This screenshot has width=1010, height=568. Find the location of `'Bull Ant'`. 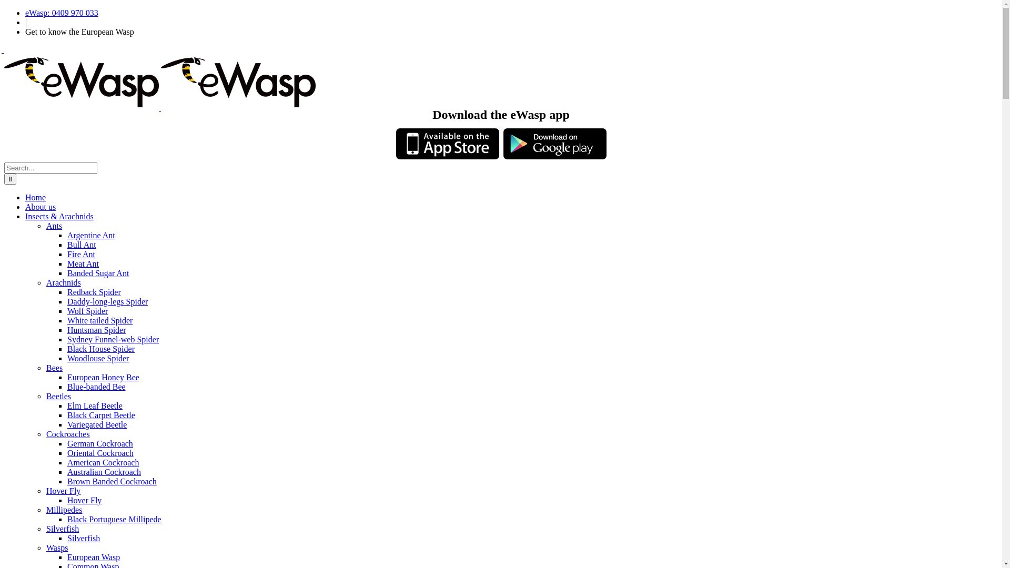

'Bull Ant' is located at coordinates (81, 245).